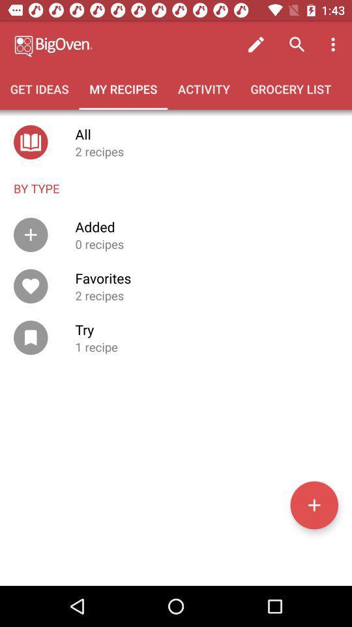  Describe the element at coordinates (314, 504) in the screenshot. I see `item at the bottom right corner` at that location.